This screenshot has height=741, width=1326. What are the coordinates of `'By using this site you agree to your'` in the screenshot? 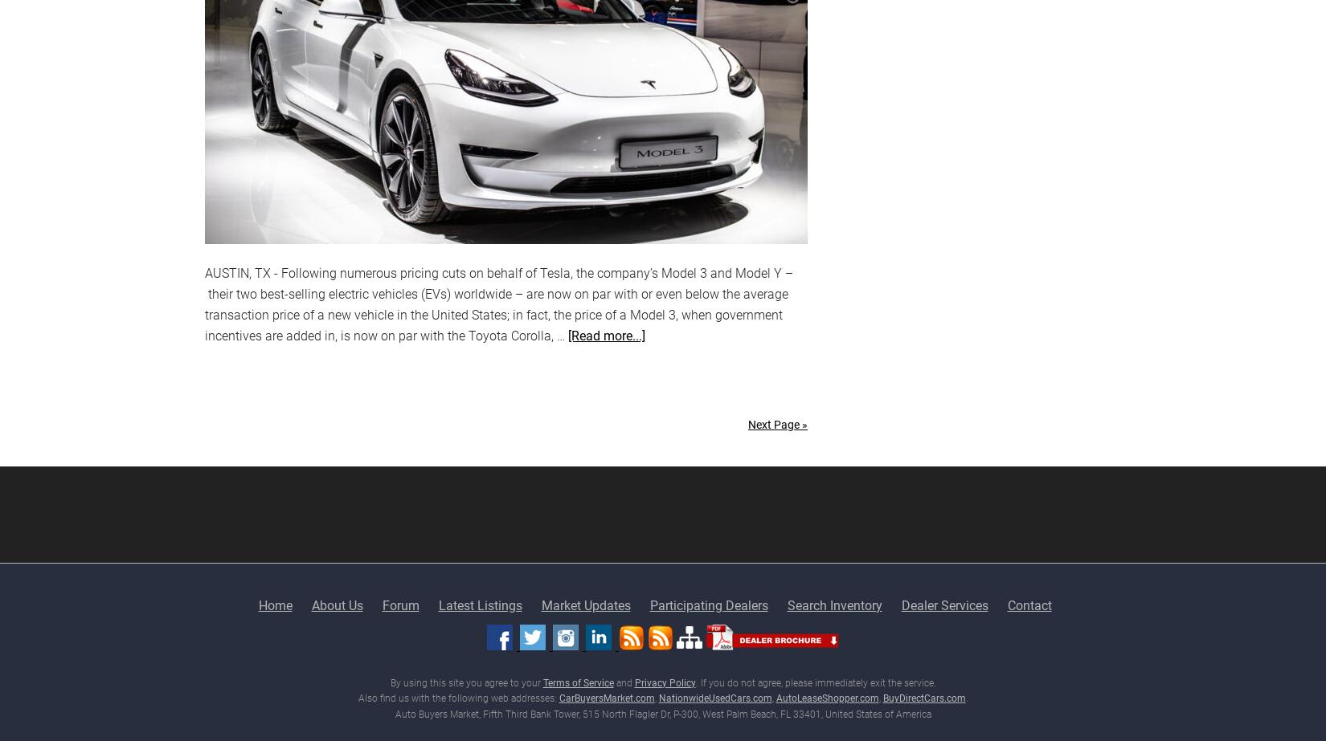 It's located at (465, 681).